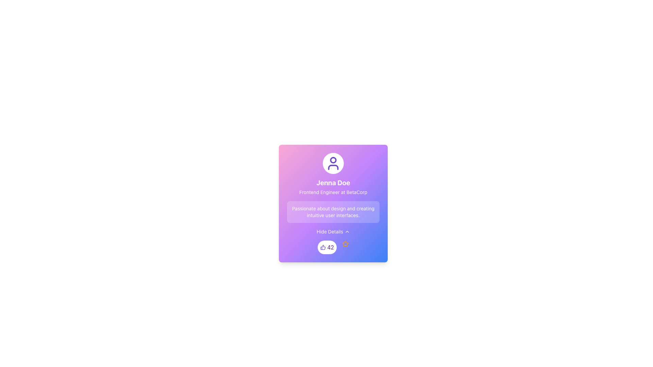 This screenshot has height=367, width=653. What do you see at coordinates (345, 243) in the screenshot?
I see `the star-shaped icon with a golden-yellow outline located at the bottom center of the card layout, adjacent to the thumbs-up icon and aligned with the numeric text '42'` at bounding box center [345, 243].